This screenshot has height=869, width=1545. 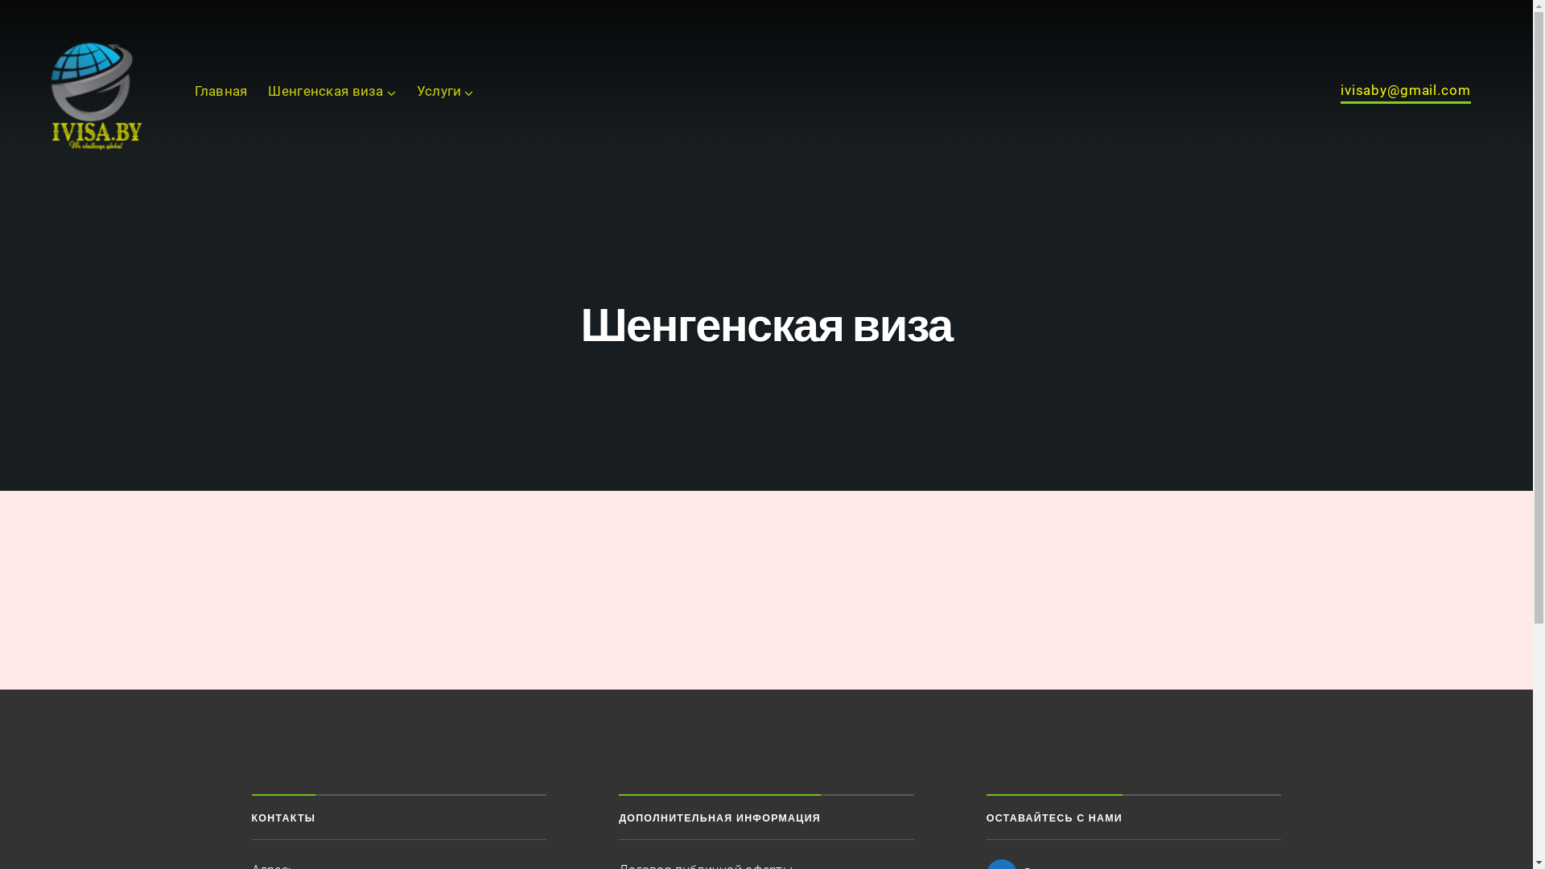 I want to click on 'ivisaby@gmail.com', so click(x=1404, y=93).